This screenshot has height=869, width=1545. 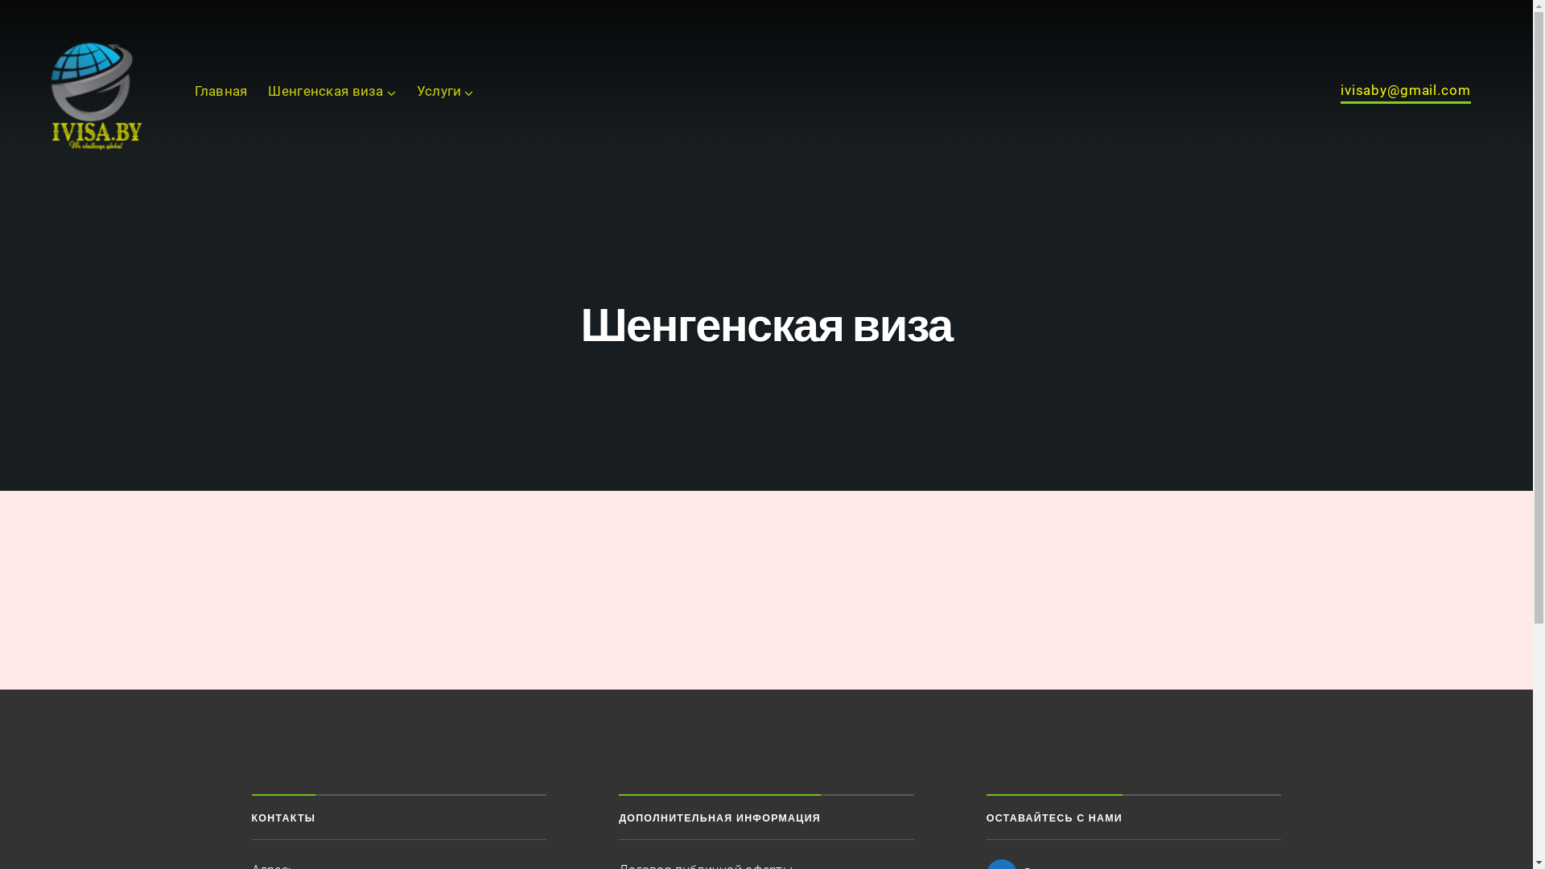 I want to click on 'ivisaby@gmail.com', so click(x=1404, y=93).